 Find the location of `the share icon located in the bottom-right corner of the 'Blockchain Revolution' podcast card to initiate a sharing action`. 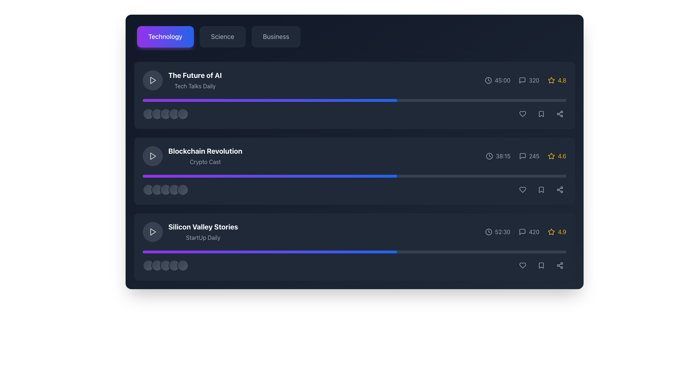

the share icon located in the bottom-right corner of the 'Blockchain Revolution' podcast card to initiate a sharing action is located at coordinates (559, 114).